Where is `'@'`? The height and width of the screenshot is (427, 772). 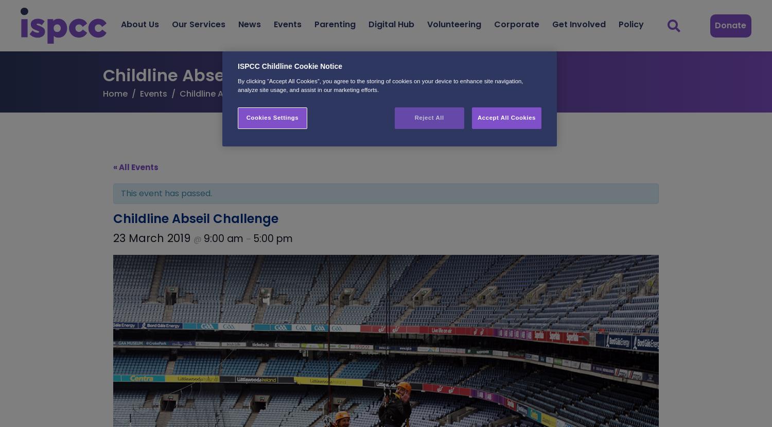 '@' is located at coordinates (198, 239).